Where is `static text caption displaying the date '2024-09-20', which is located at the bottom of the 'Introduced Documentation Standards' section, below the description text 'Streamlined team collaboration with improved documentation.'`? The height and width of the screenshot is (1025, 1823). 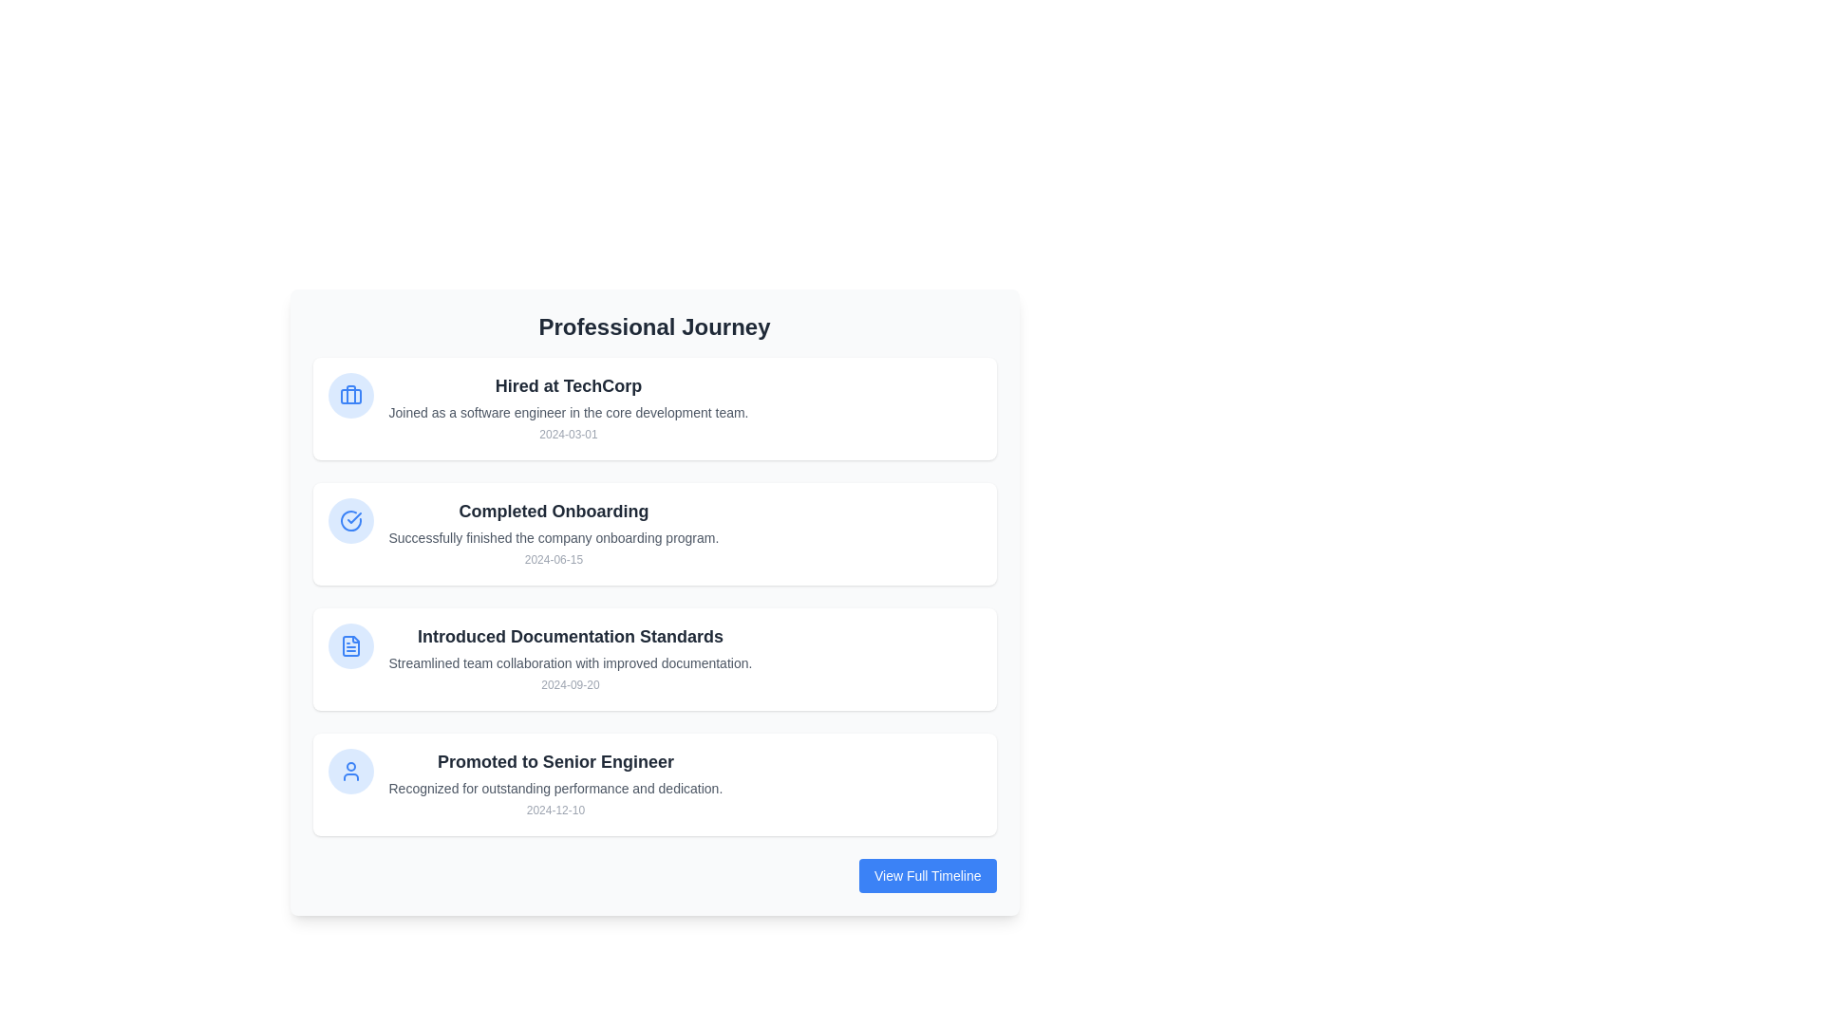 static text caption displaying the date '2024-09-20', which is located at the bottom of the 'Introduced Documentation Standards' section, below the description text 'Streamlined team collaboration with improved documentation.' is located at coordinates (569, 684).